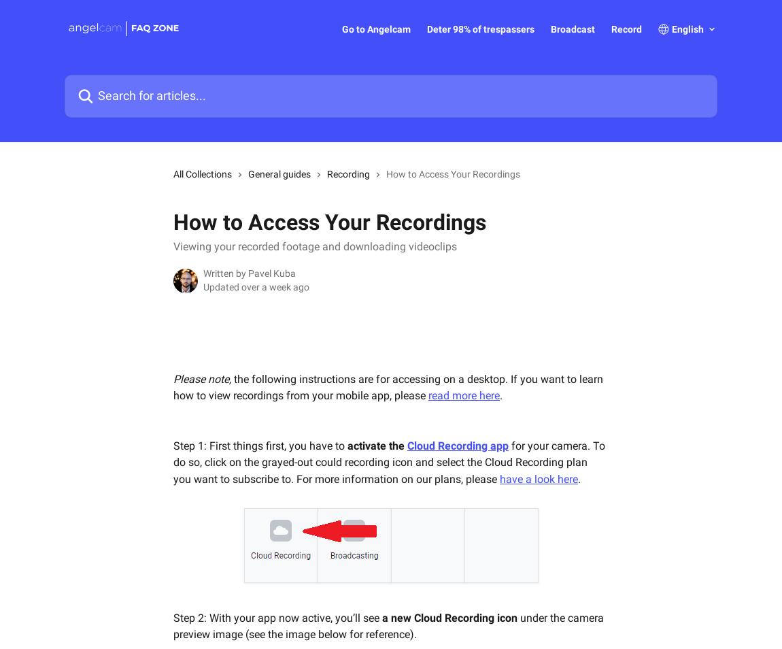 The height and width of the screenshot is (649, 782). What do you see at coordinates (457, 444) in the screenshot?
I see `'Cloud Recording app'` at bounding box center [457, 444].